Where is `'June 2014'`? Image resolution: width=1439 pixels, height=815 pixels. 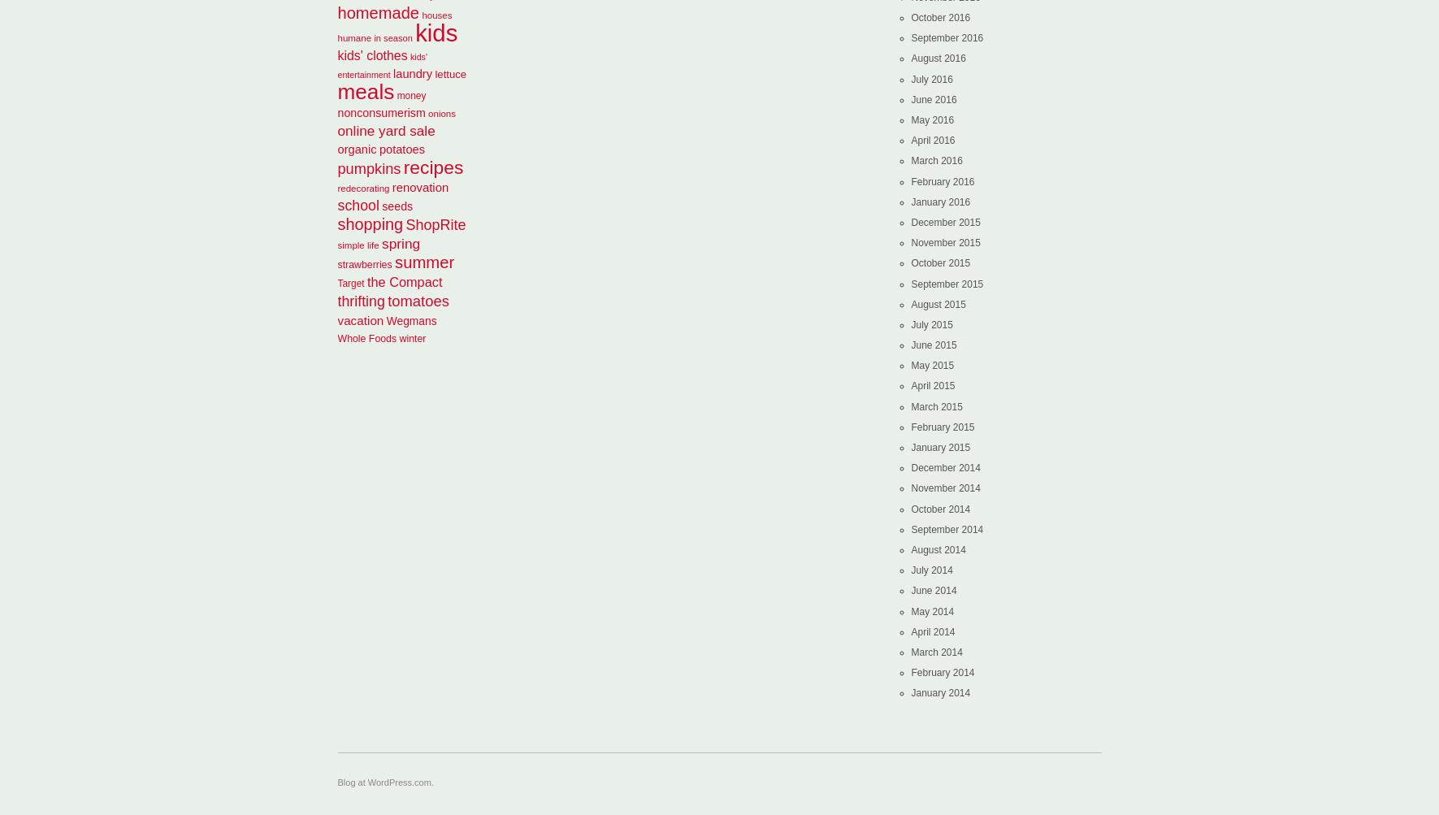
'June 2014' is located at coordinates (934, 589).